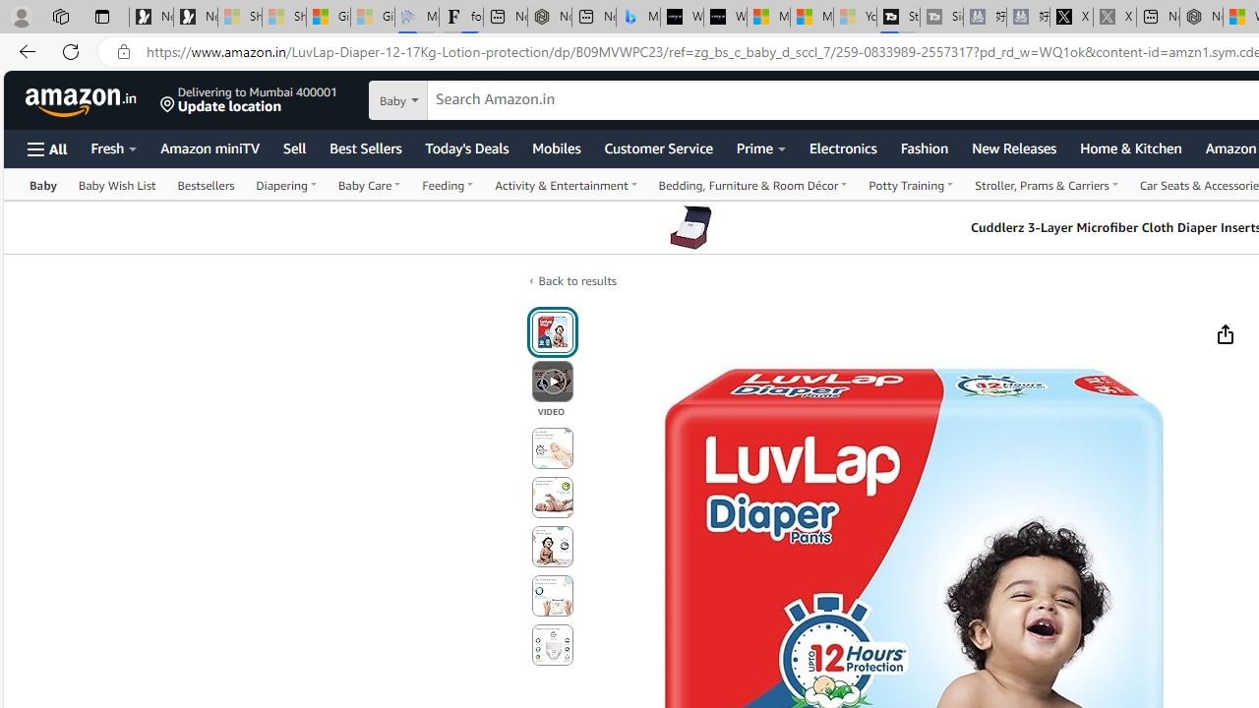 This screenshot has height=708, width=1259. I want to click on 'New Releases', so click(1014, 147).